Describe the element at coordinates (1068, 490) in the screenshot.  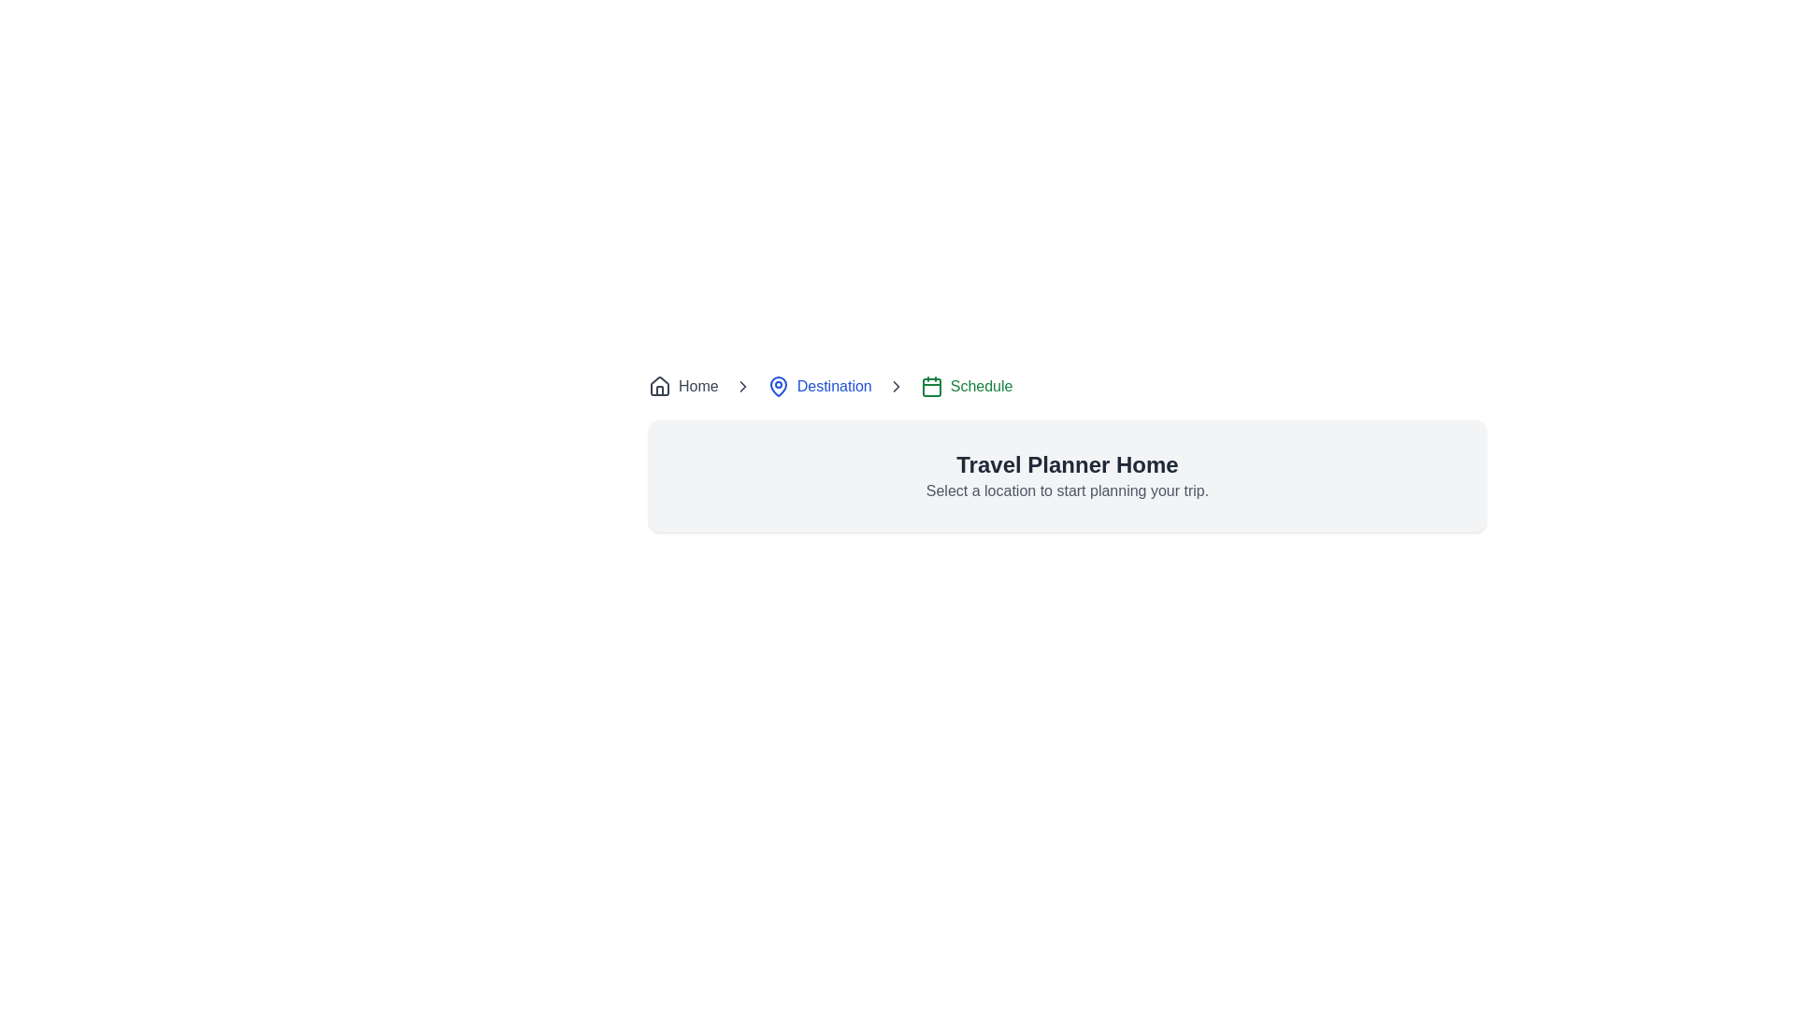
I see `the text element that states 'Select a location to start planning your trip.' which is styled in gray font and located below the bold header 'Travel Planner Home'` at that location.